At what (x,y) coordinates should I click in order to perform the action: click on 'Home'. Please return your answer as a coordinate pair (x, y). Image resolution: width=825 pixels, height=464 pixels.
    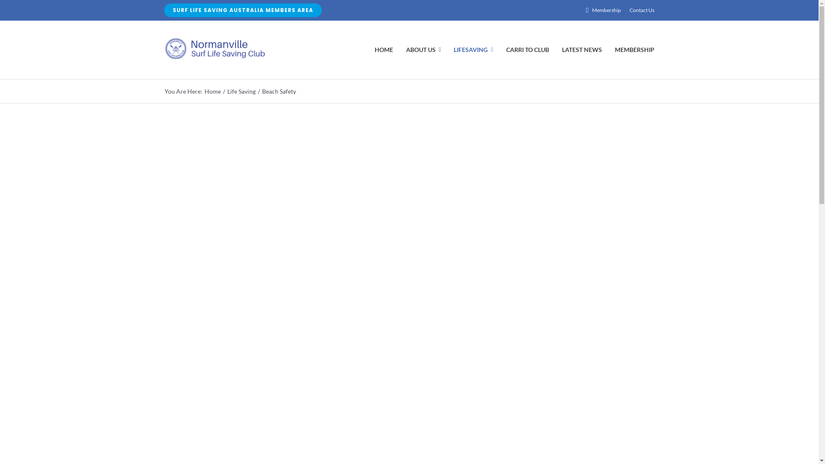
    Looking at the image, I should click on (212, 91).